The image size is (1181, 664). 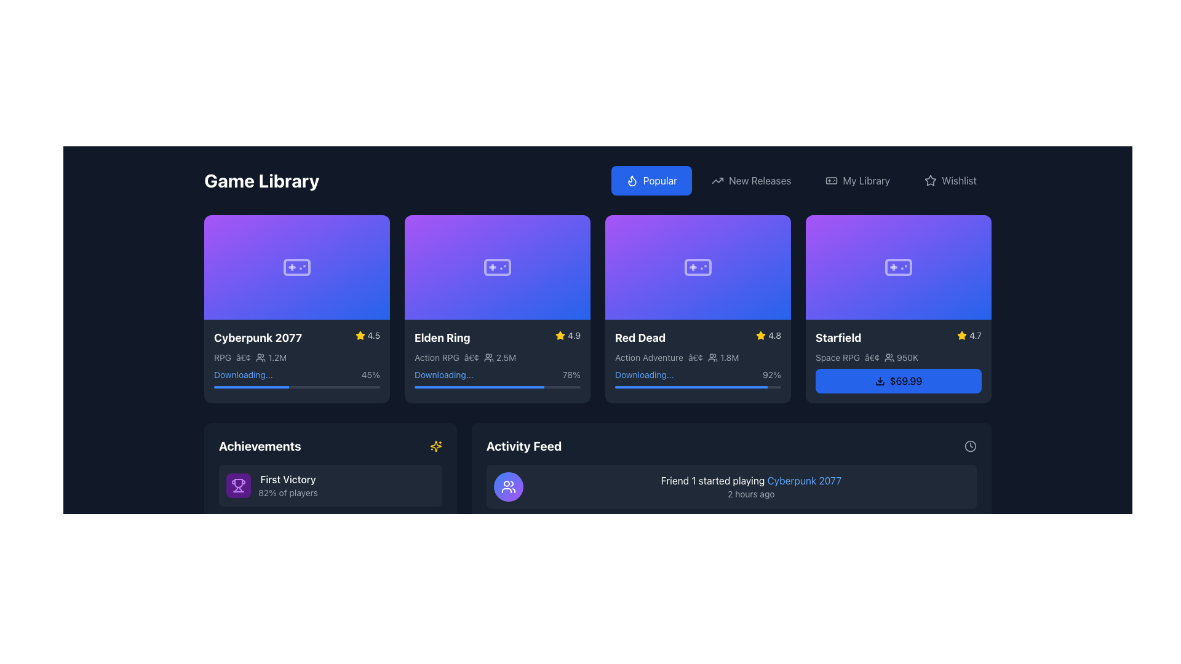 What do you see at coordinates (632, 180) in the screenshot?
I see `the flame icon located to the left of the blue 'Popular' button at the top section of the interface, which signifies trending content` at bounding box center [632, 180].